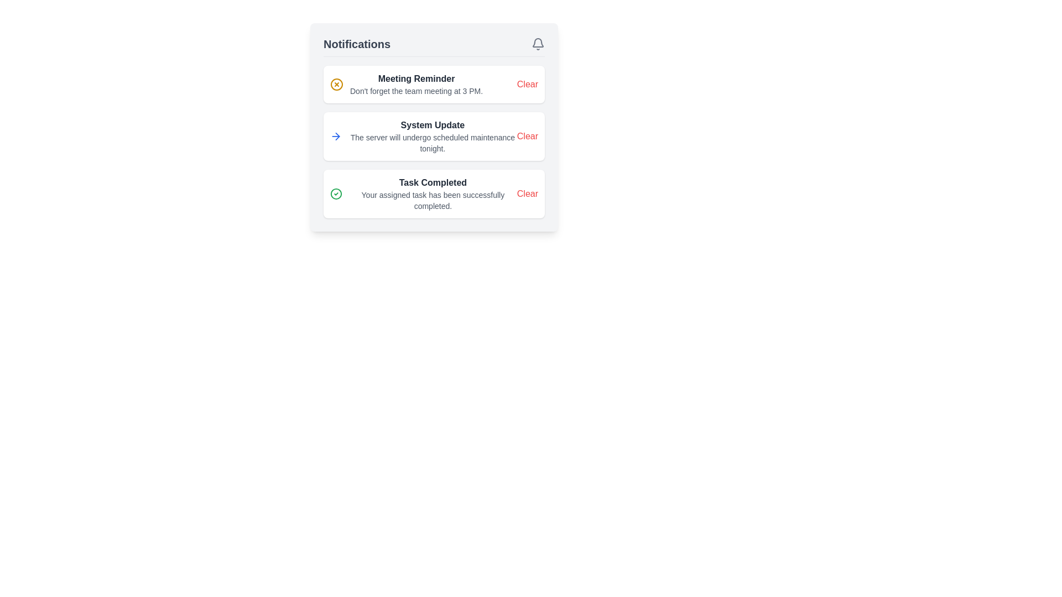 This screenshot has width=1062, height=597. What do you see at coordinates (432, 193) in the screenshot?
I see `notification titled 'Task Completed' which indicates that your assigned task has been successfully completed. This notification is the third in a vertical list of notifications` at bounding box center [432, 193].